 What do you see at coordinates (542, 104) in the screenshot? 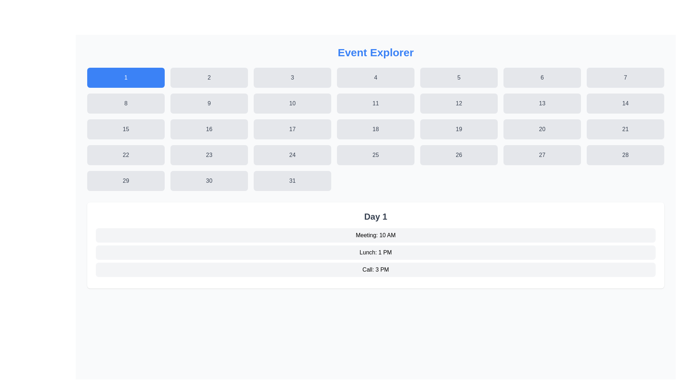
I see `the button representing the date option located in the second row, sixth column of the grid layout` at bounding box center [542, 104].